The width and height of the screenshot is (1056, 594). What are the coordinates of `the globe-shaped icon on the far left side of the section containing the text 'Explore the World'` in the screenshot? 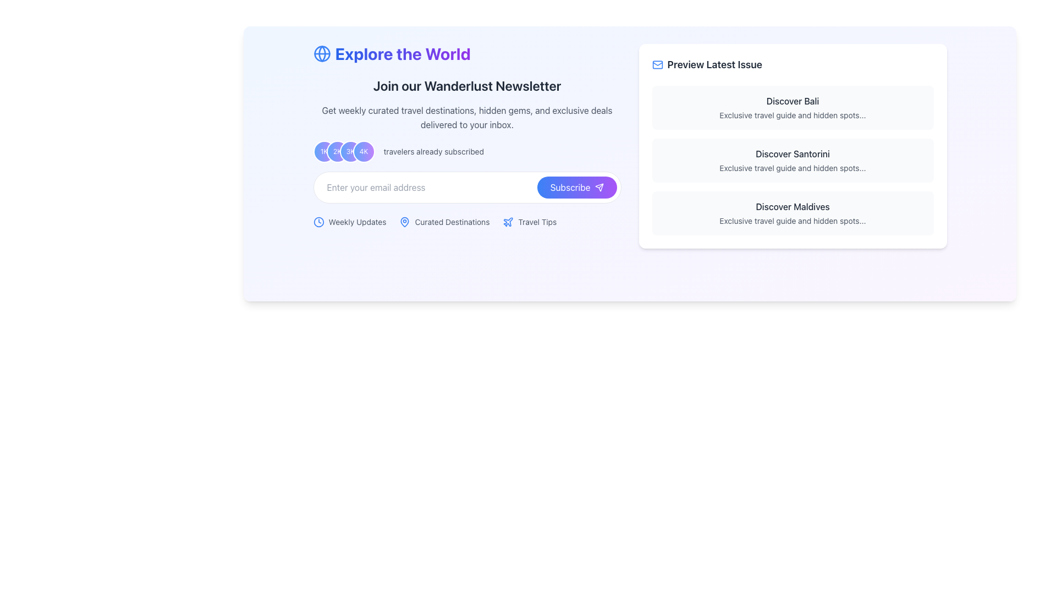 It's located at (321, 53).